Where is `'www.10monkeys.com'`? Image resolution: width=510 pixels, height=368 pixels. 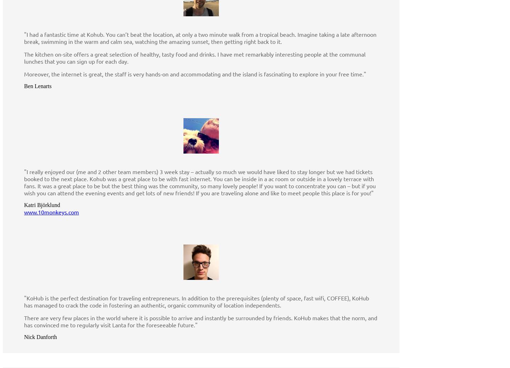
'www.10monkeys.com' is located at coordinates (24, 212).